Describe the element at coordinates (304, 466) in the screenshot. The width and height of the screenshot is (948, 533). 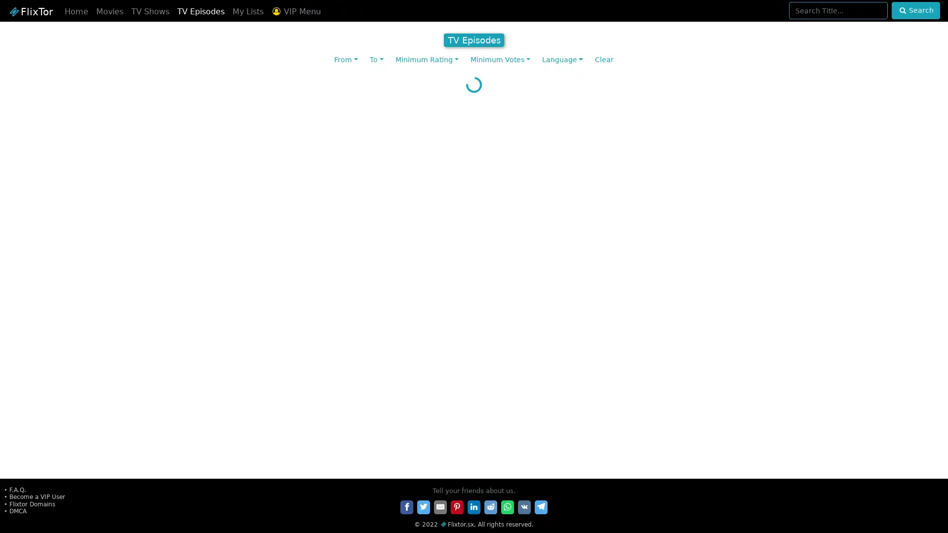
I see `Watch Now` at that location.